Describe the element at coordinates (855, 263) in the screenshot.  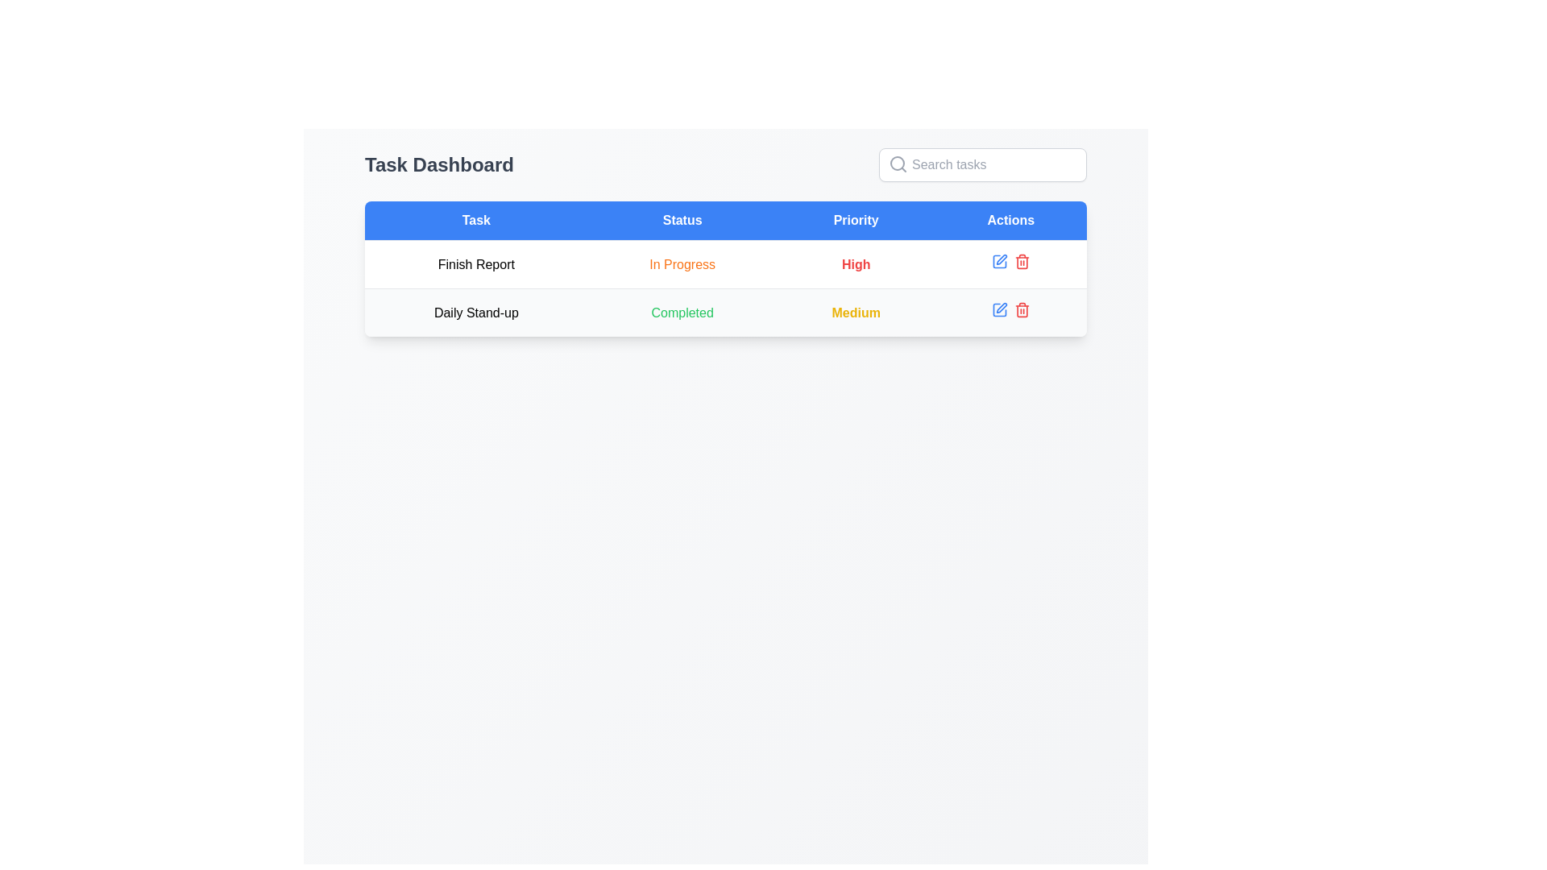
I see `text content of the 'High' priority label located in the 'Priority' column of the task list, which is positioned between the 'In Progress' status and the empty 'Actions' cell` at that location.